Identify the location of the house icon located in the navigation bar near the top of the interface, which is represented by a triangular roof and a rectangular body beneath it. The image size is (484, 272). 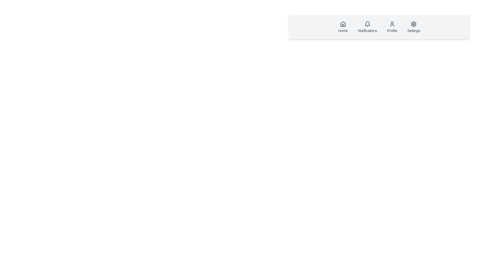
(343, 24).